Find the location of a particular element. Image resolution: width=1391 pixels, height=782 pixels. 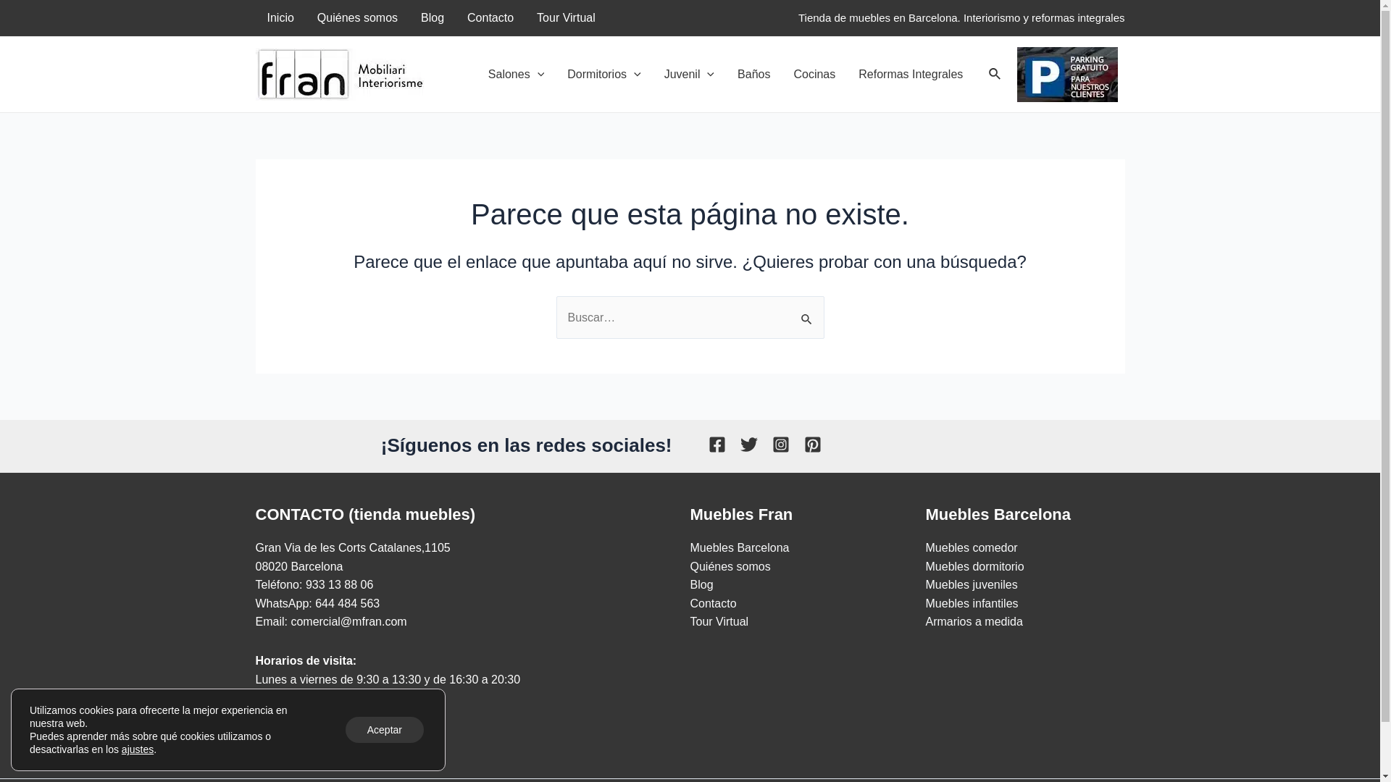

'Inicio' is located at coordinates (280, 17).